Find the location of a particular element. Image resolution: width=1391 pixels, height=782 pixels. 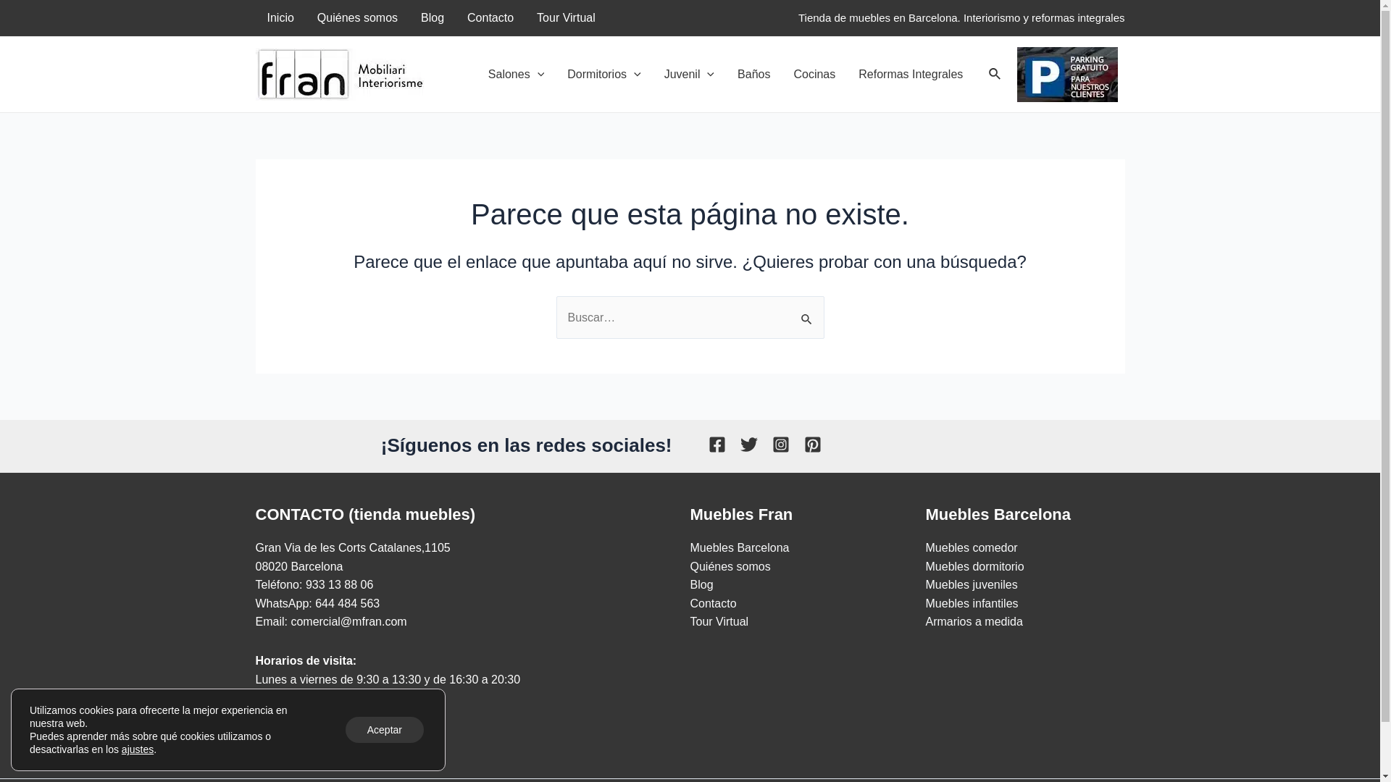

'Inicio' is located at coordinates (280, 17).